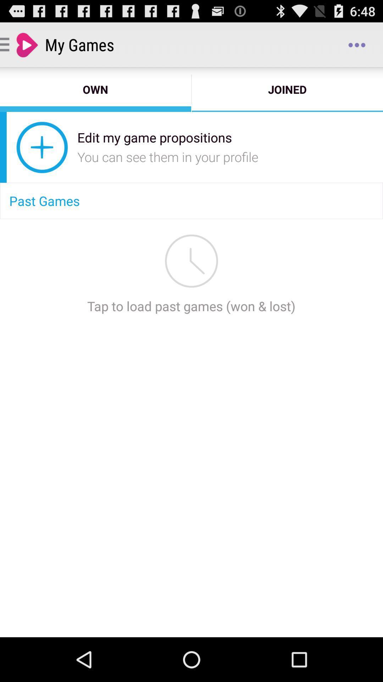 The image size is (383, 682). Describe the element at coordinates (357, 44) in the screenshot. I see `the app next to the my games icon` at that location.